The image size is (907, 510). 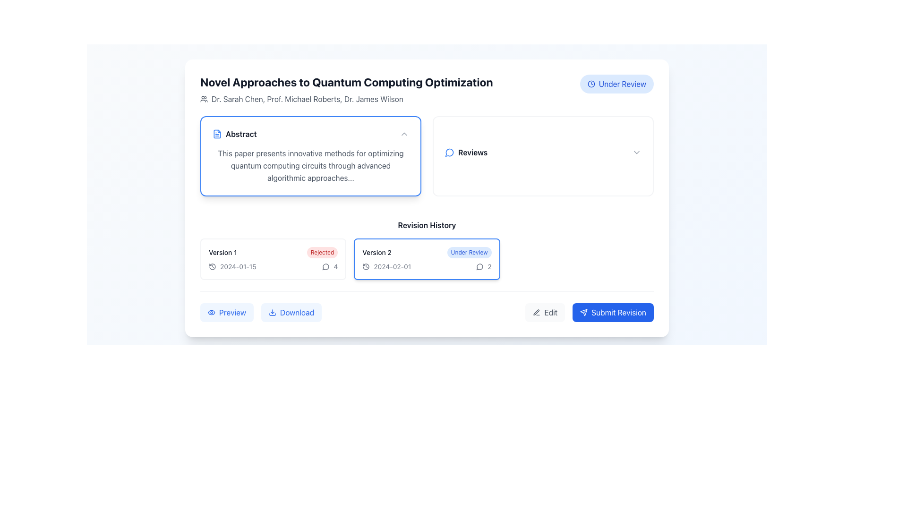 What do you see at coordinates (590, 83) in the screenshot?
I see `the status icon indicating 'Under Review' located at the top-right corner of the main content area` at bounding box center [590, 83].